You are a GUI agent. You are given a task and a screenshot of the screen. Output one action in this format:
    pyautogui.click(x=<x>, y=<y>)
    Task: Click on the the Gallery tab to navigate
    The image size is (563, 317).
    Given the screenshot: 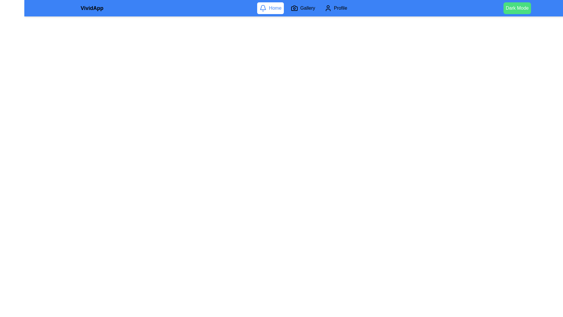 What is the action you would take?
    pyautogui.click(x=303, y=8)
    